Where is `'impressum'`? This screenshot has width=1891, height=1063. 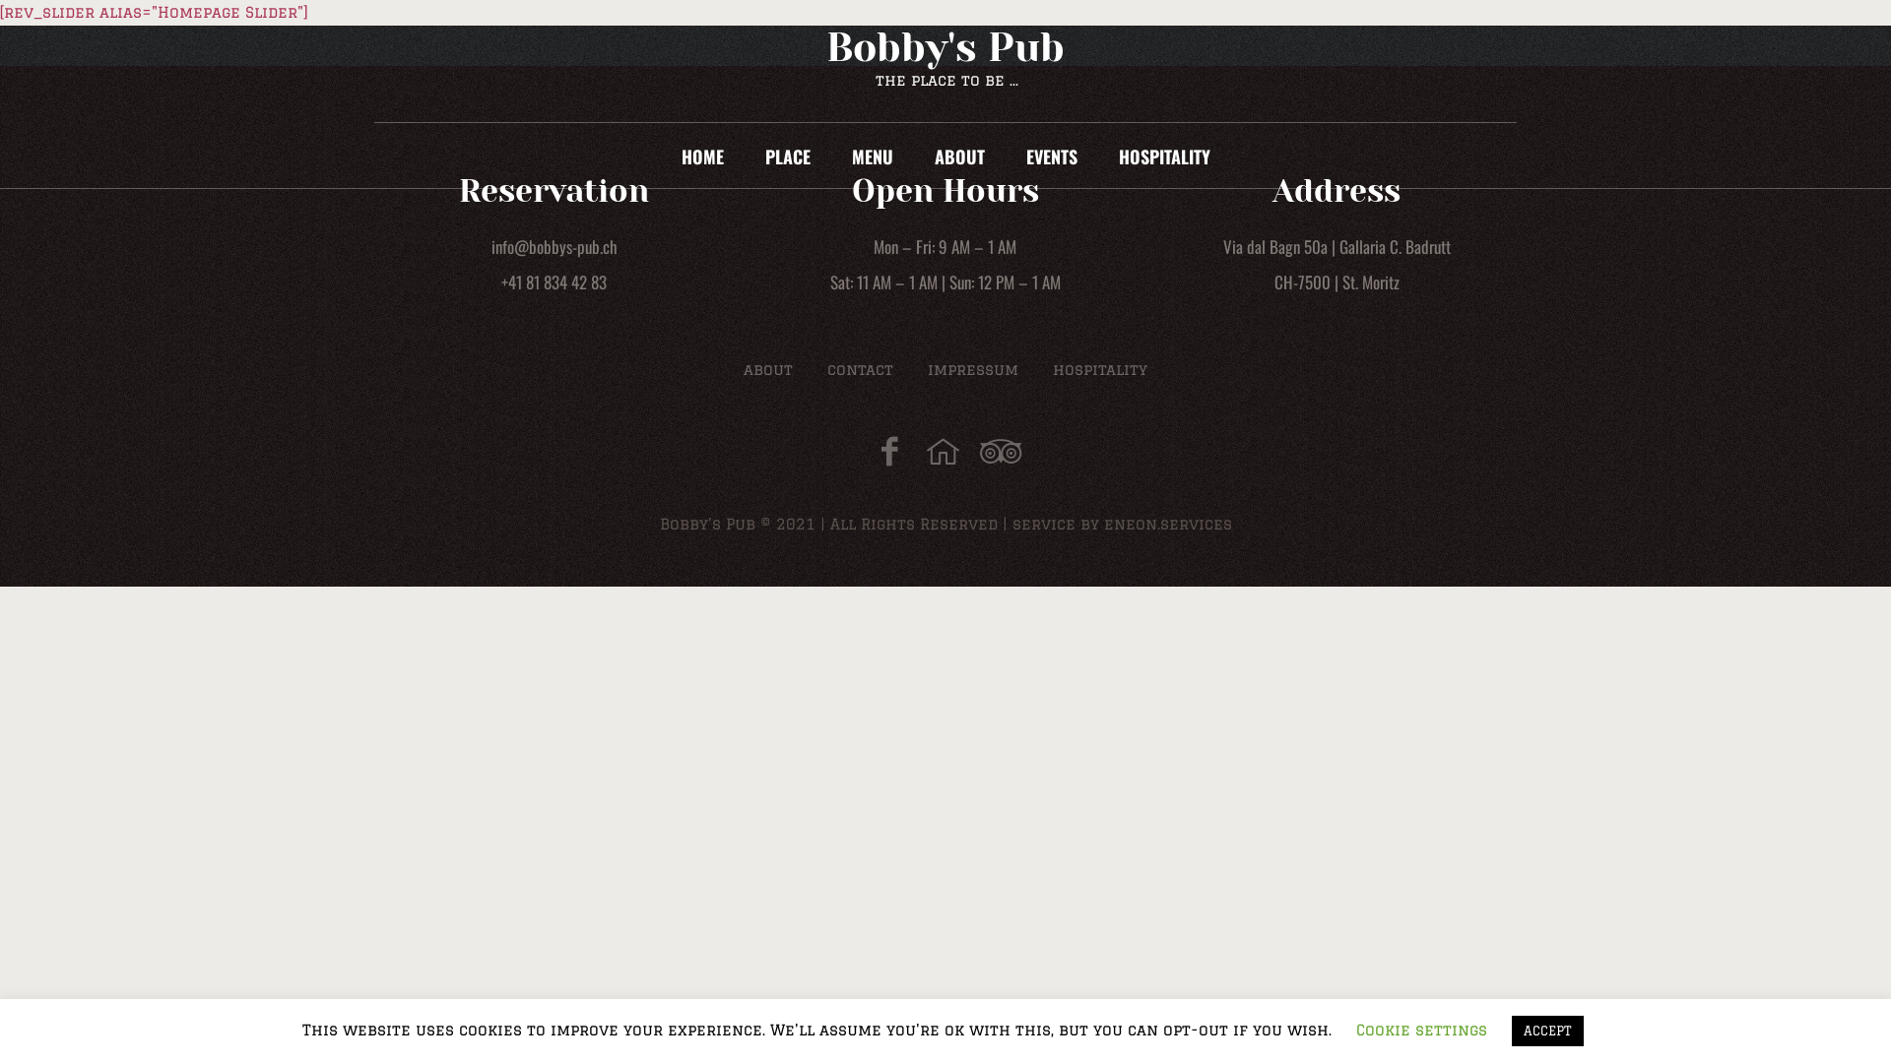 'impressum' is located at coordinates (973, 369).